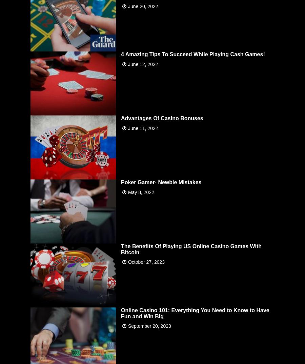 The height and width of the screenshot is (364, 305). Describe the element at coordinates (149, 326) in the screenshot. I see `'September 20, 2023'` at that location.